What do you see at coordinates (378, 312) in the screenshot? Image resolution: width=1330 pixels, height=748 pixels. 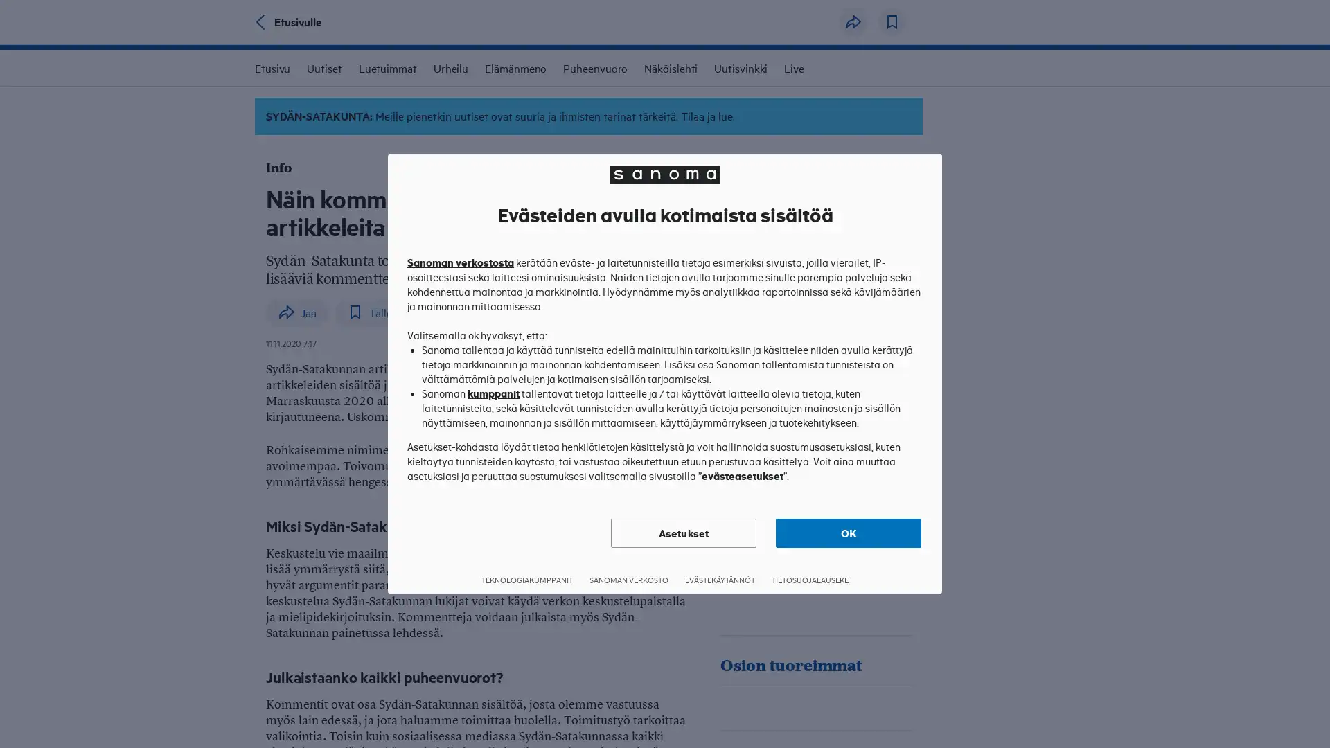 I see `Tallenna` at bounding box center [378, 312].